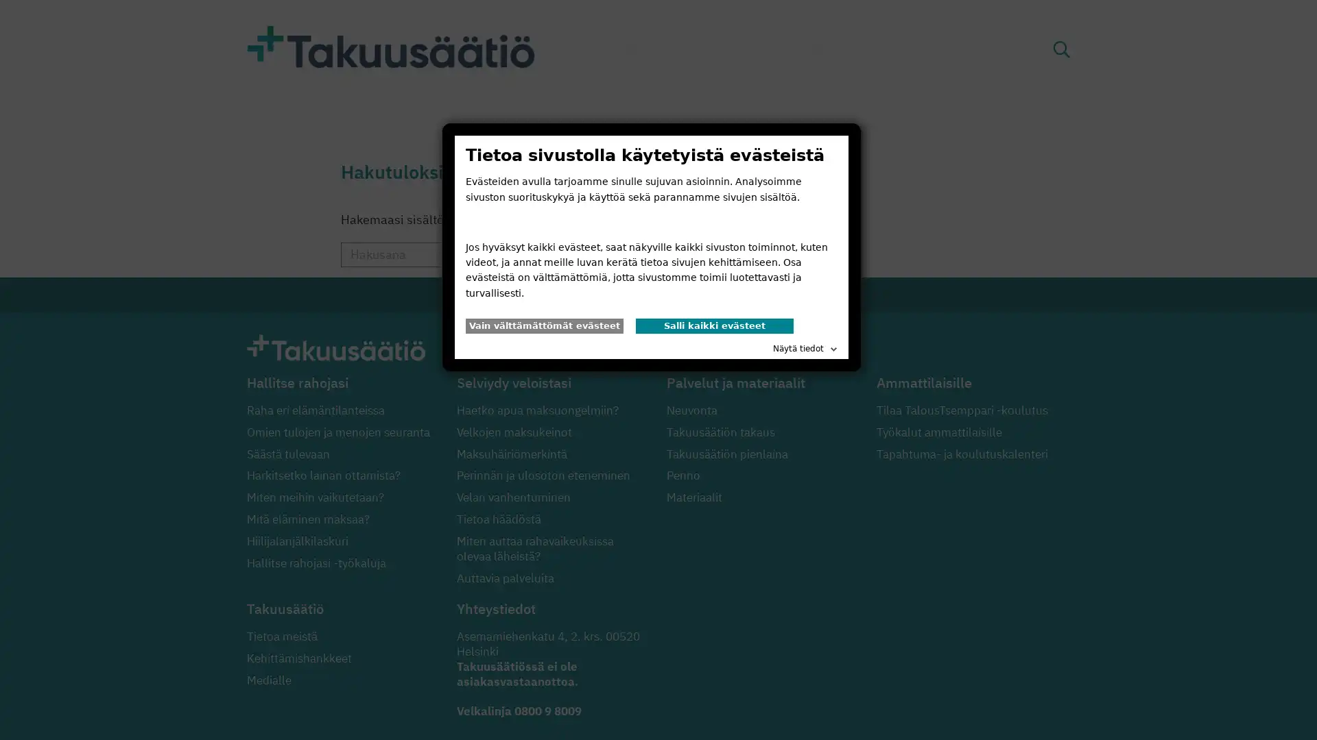  Describe the element at coordinates (464, 254) in the screenshot. I see `Hae` at that location.